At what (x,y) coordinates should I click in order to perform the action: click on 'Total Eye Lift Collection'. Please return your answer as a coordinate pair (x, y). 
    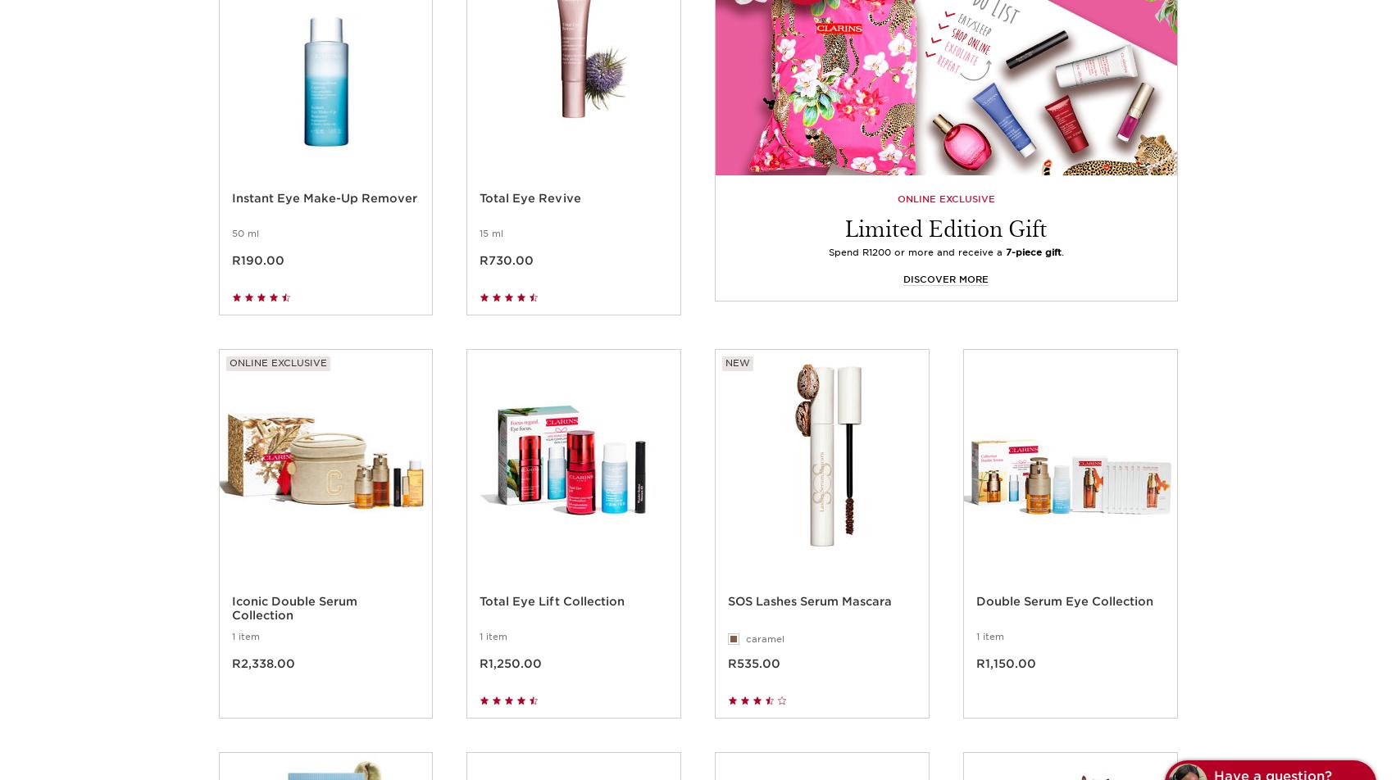
    Looking at the image, I should click on (551, 619).